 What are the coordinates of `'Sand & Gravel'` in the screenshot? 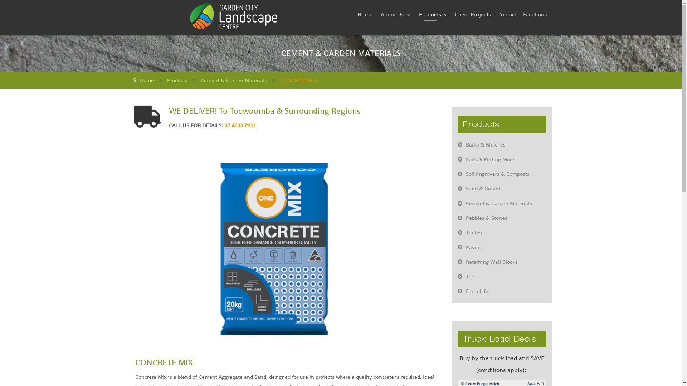 It's located at (501, 188).